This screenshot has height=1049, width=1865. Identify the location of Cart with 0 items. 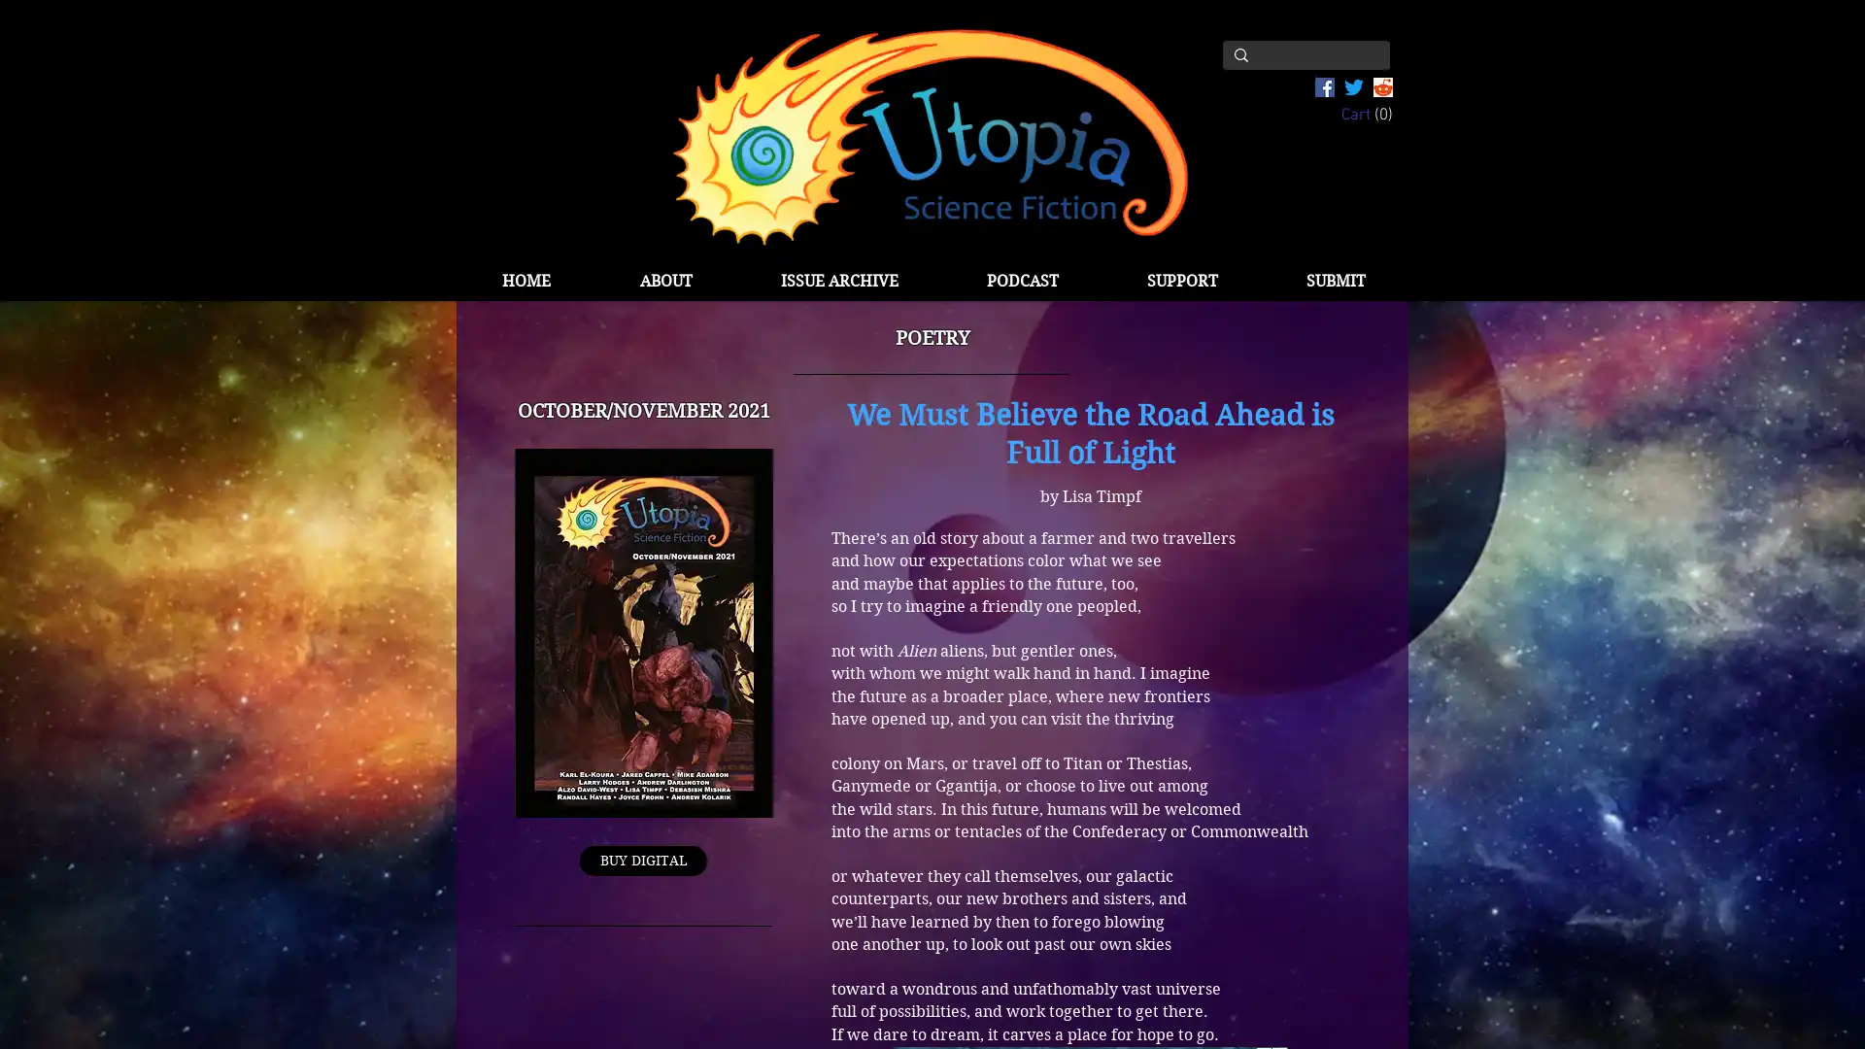
(1366, 113).